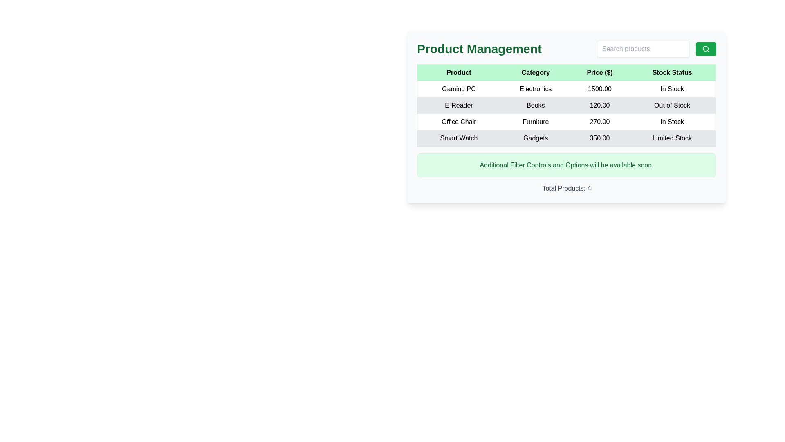 Image resolution: width=785 pixels, height=442 pixels. What do you see at coordinates (672, 138) in the screenshot?
I see `the 'Limited Stock' text label in the 'Stock Status' column of the product table for the 'Smart Watch' item, which is located in the far right of the row` at bounding box center [672, 138].